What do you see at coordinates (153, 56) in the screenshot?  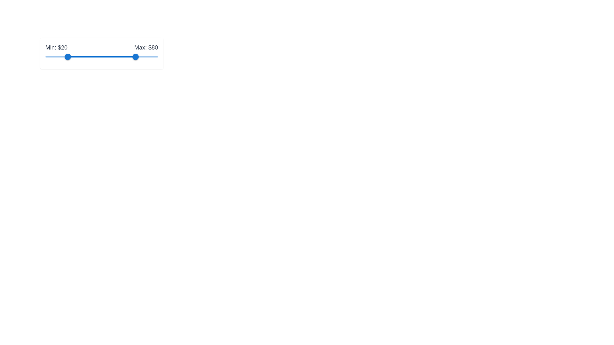 I see `the slider` at bounding box center [153, 56].